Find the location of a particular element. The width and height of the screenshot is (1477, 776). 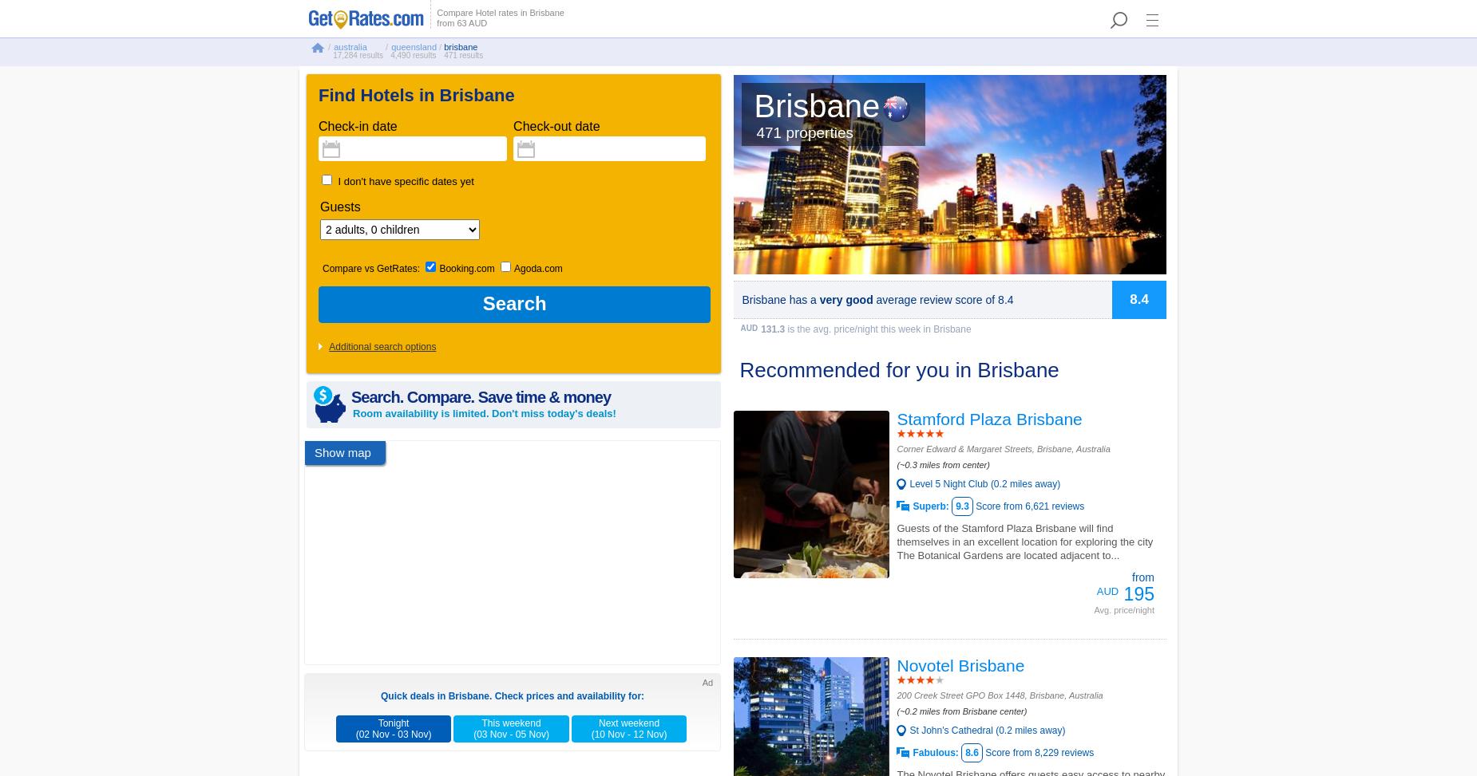

'This weekend' is located at coordinates (510, 723).